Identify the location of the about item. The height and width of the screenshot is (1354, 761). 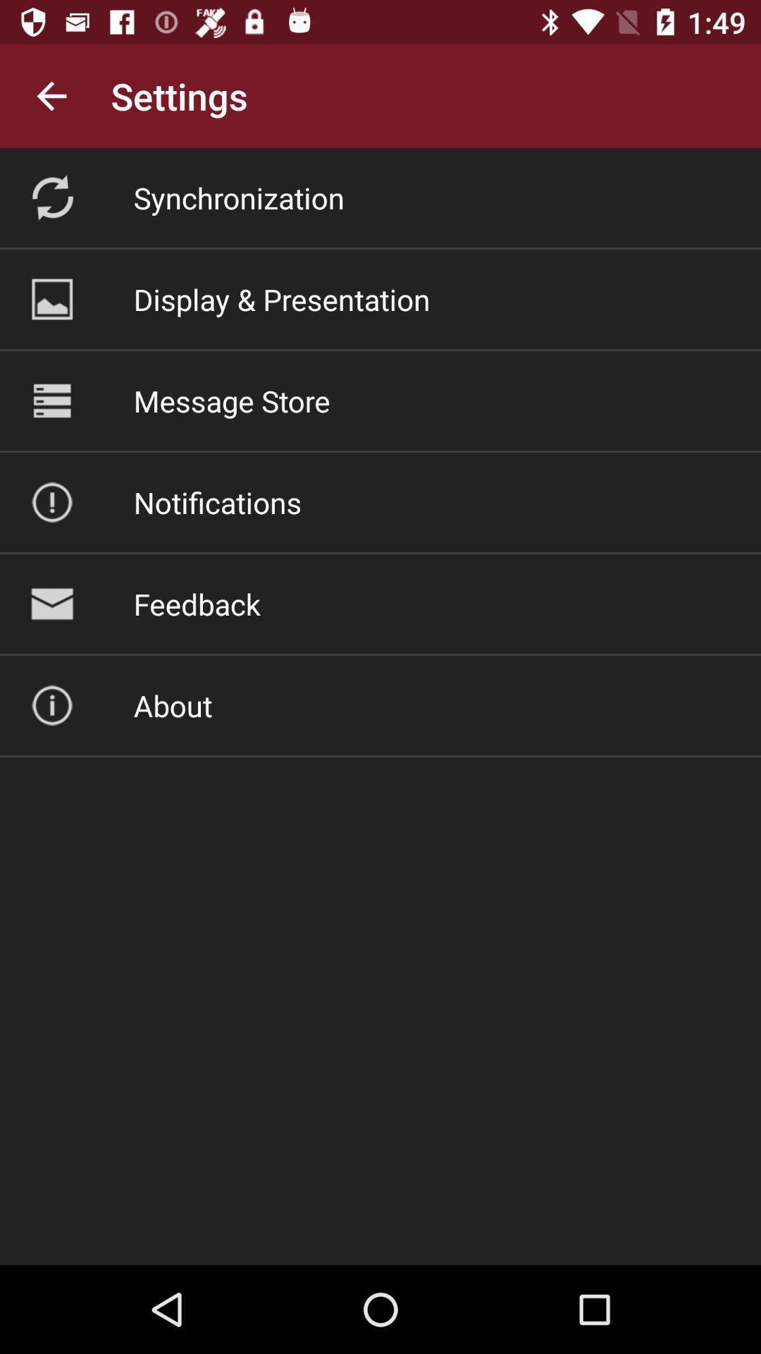
(172, 705).